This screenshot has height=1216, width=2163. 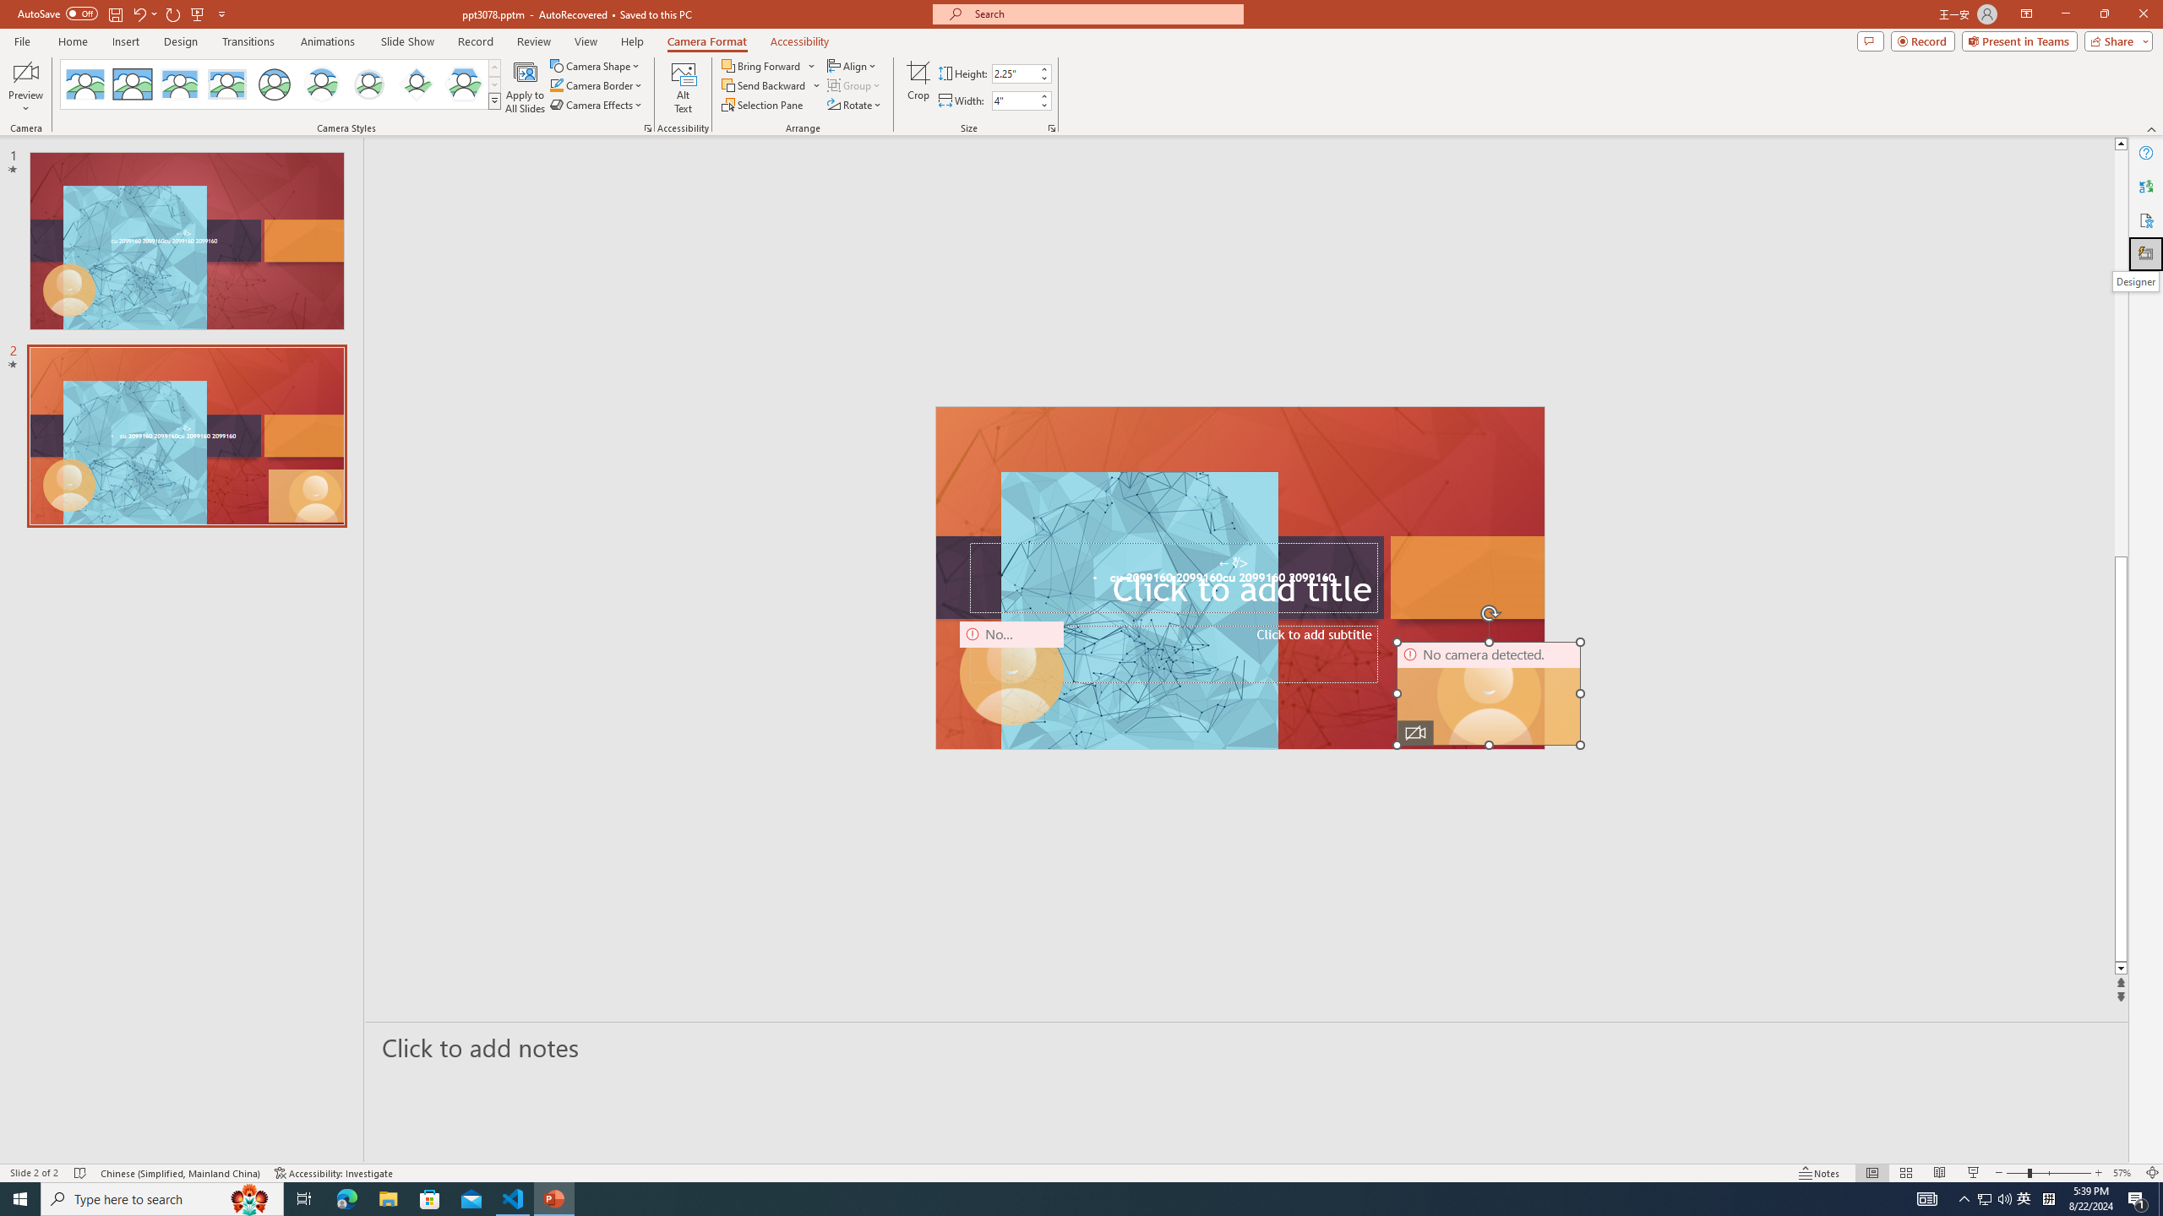 What do you see at coordinates (557, 84) in the screenshot?
I see `'Camera Border Green, Accent 1'` at bounding box center [557, 84].